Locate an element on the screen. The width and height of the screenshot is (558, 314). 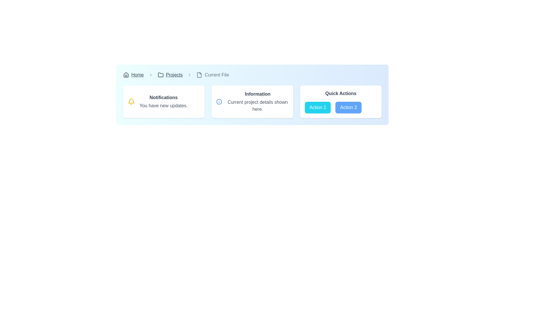
the 'Current File' breadcrumb link in the breadcrumb navigation bar is located at coordinates (252, 75).